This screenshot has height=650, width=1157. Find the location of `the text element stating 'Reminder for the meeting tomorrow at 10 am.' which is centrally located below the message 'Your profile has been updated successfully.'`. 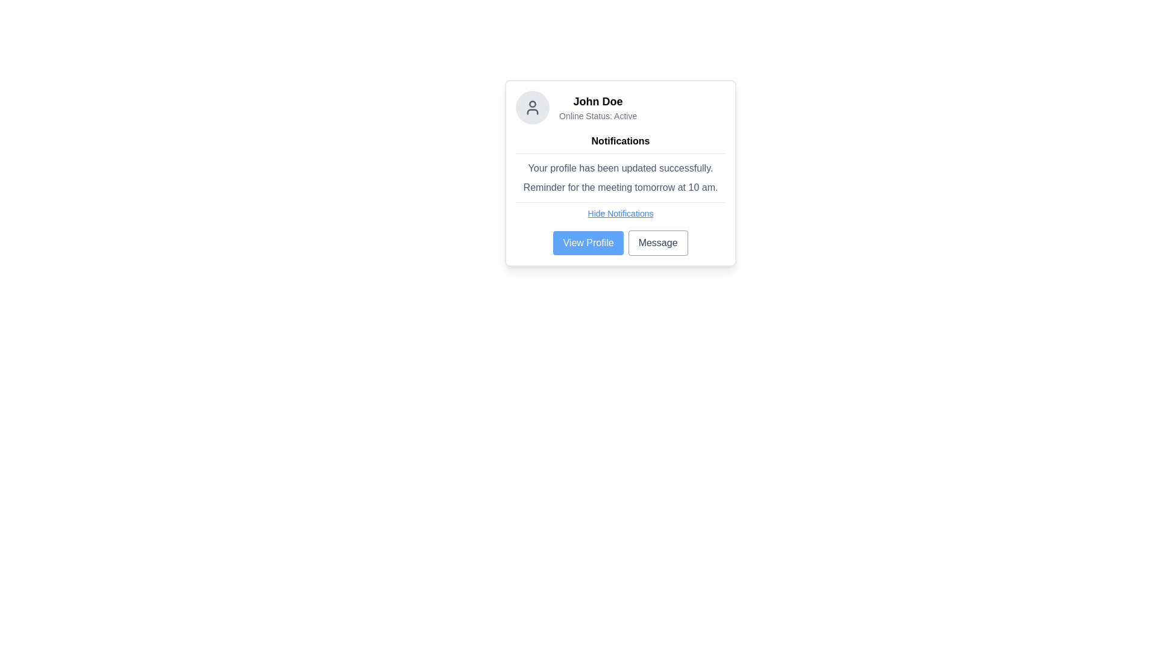

the text element stating 'Reminder for the meeting tomorrow at 10 am.' which is centrally located below the message 'Your profile has been updated successfully.' is located at coordinates (621, 188).